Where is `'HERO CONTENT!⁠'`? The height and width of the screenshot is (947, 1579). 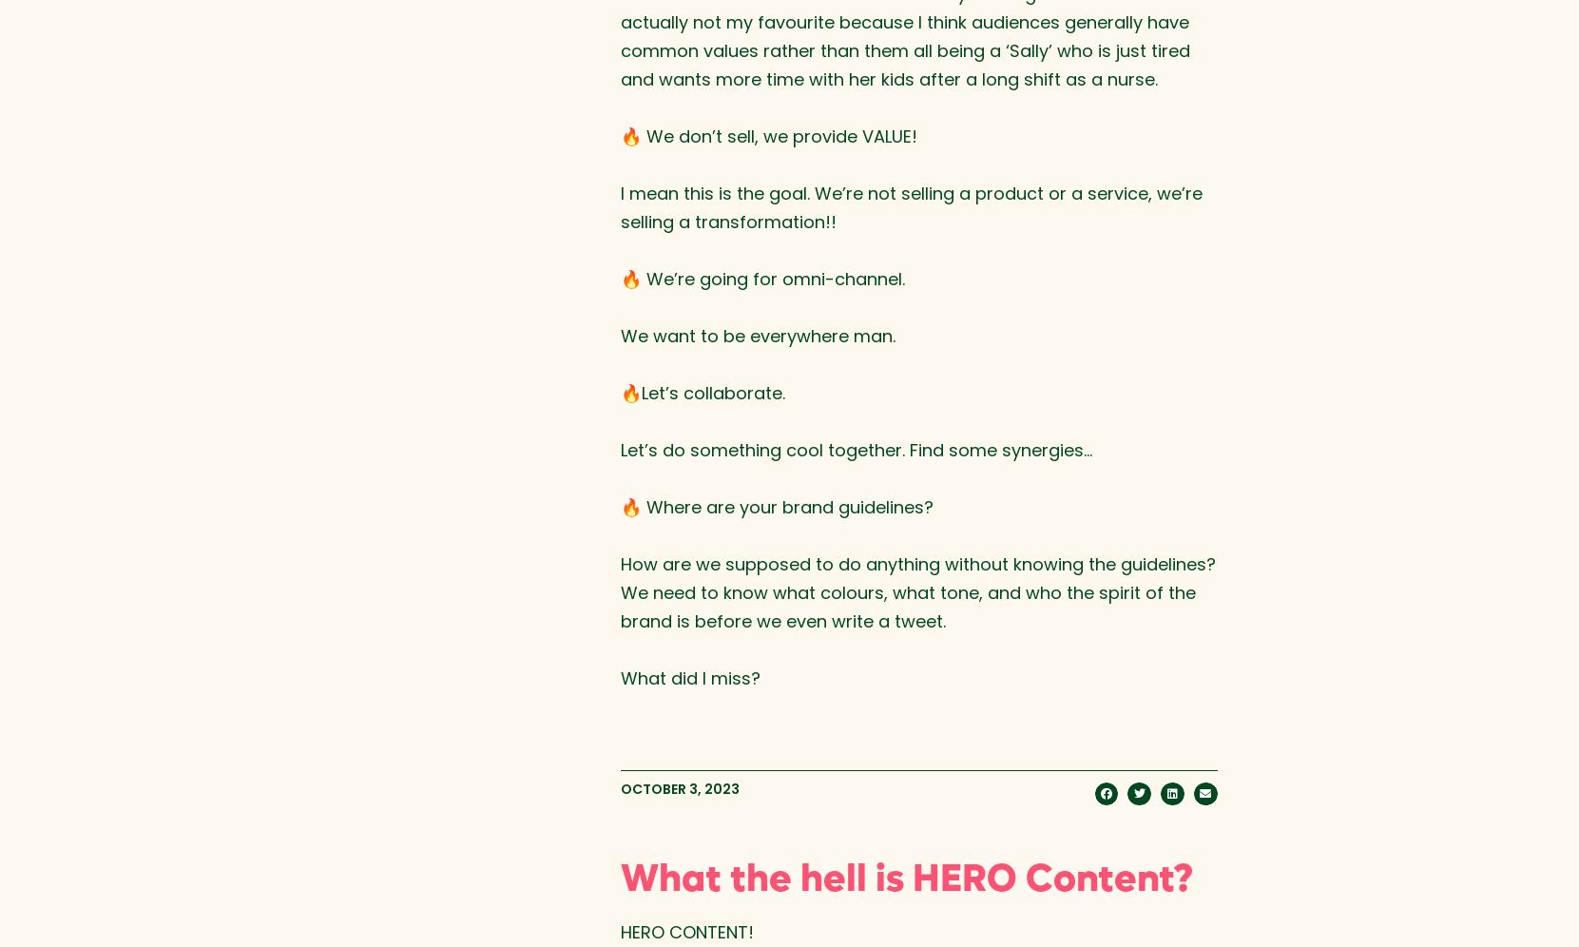
'HERO CONTENT!⁠' is located at coordinates (686, 931).